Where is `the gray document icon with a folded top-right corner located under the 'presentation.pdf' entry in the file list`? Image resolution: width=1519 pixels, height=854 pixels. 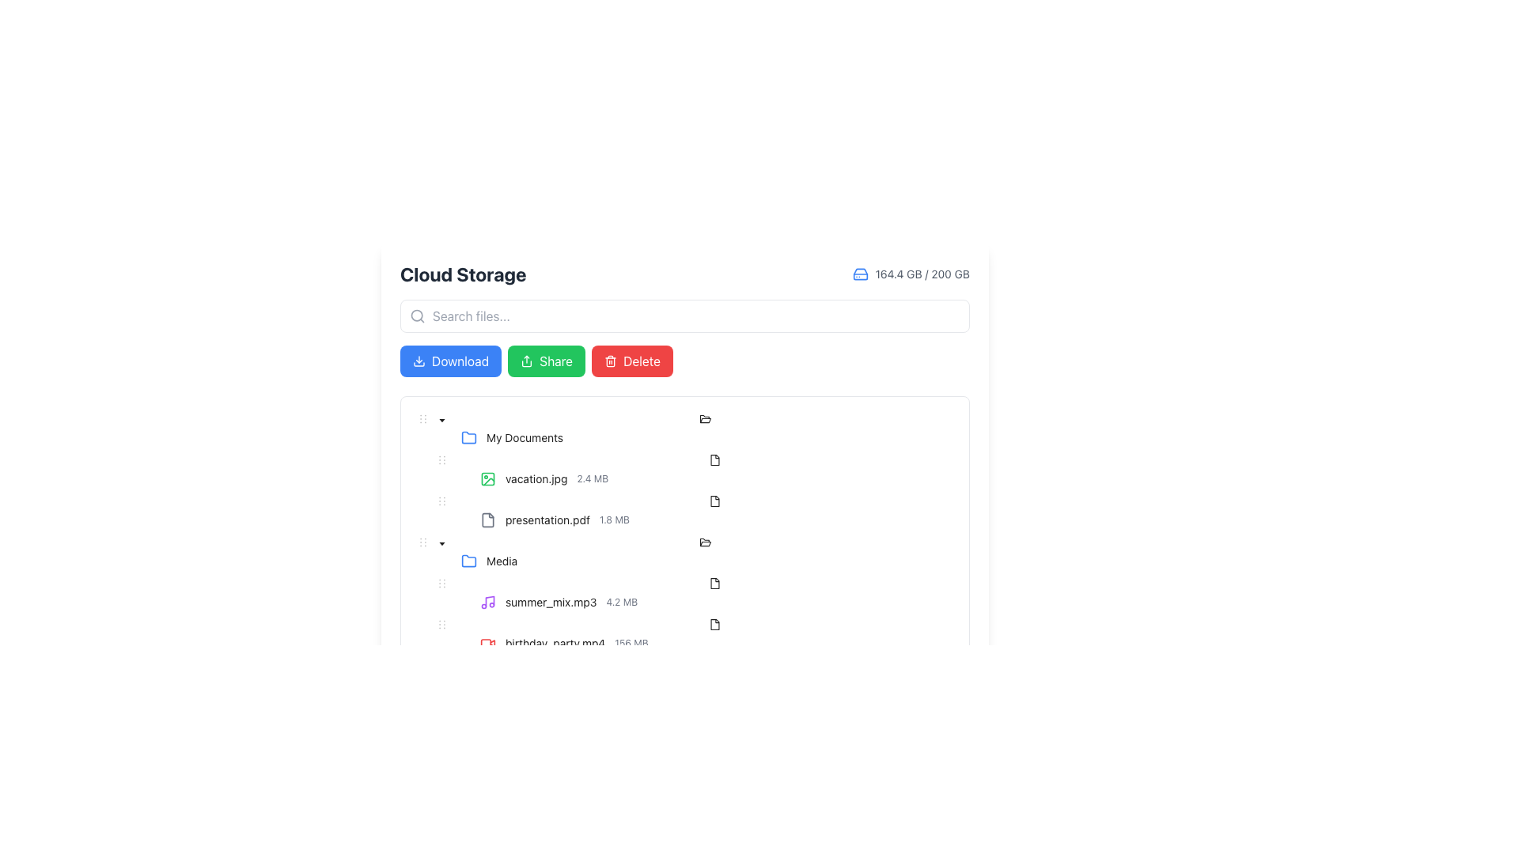
the gray document icon with a folded top-right corner located under the 'presentation.pdf' entry in the file list is located at coordinates (487, 520).